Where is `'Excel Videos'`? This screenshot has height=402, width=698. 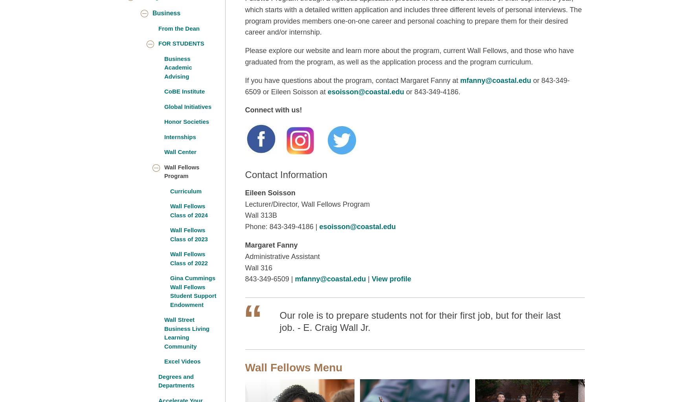
'Excel Videos' is located at coordinates (164, 361).